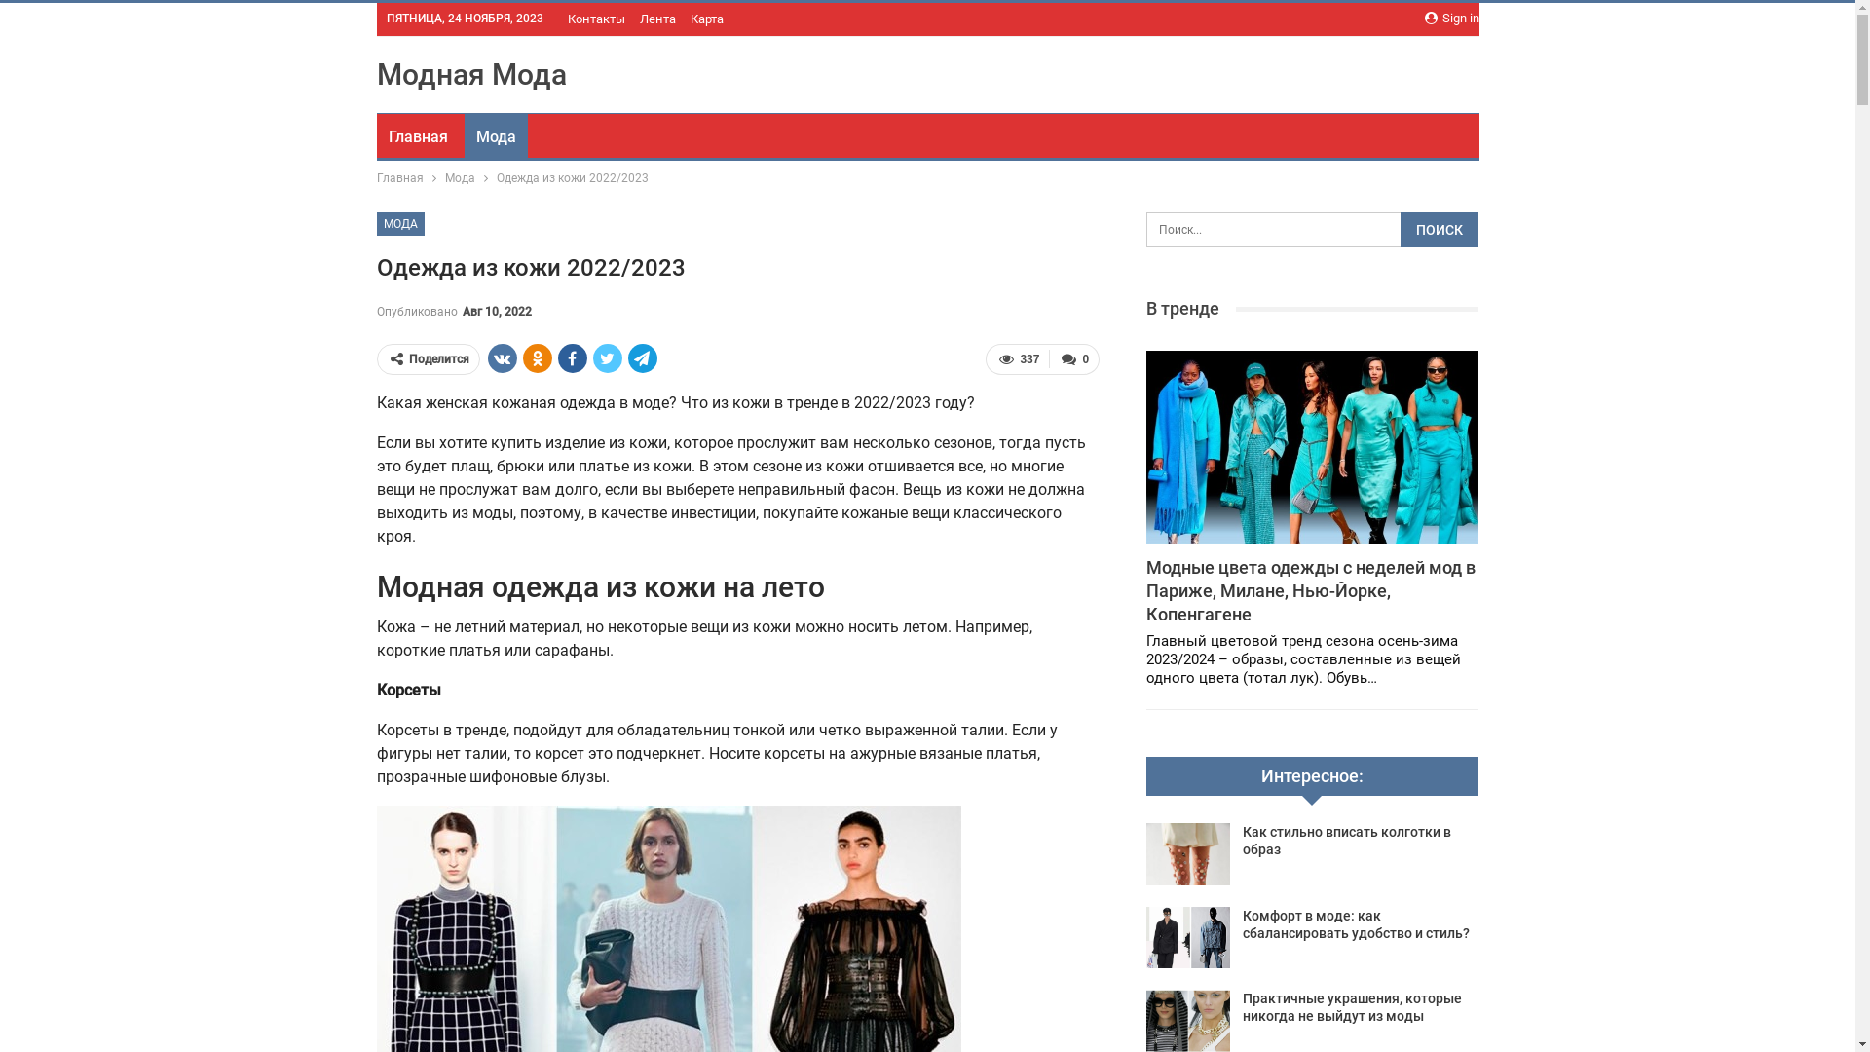 The width and height of the screenshot is (1870, 1052). I want to click on '0', so click(1073, 359).